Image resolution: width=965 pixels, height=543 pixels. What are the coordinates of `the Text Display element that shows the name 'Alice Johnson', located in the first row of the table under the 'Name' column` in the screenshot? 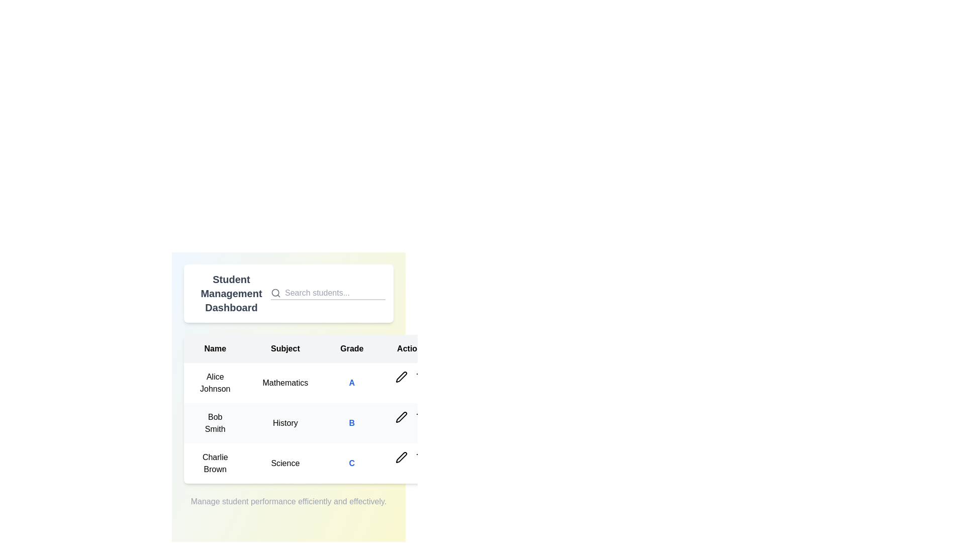 It's located at (215, 383).